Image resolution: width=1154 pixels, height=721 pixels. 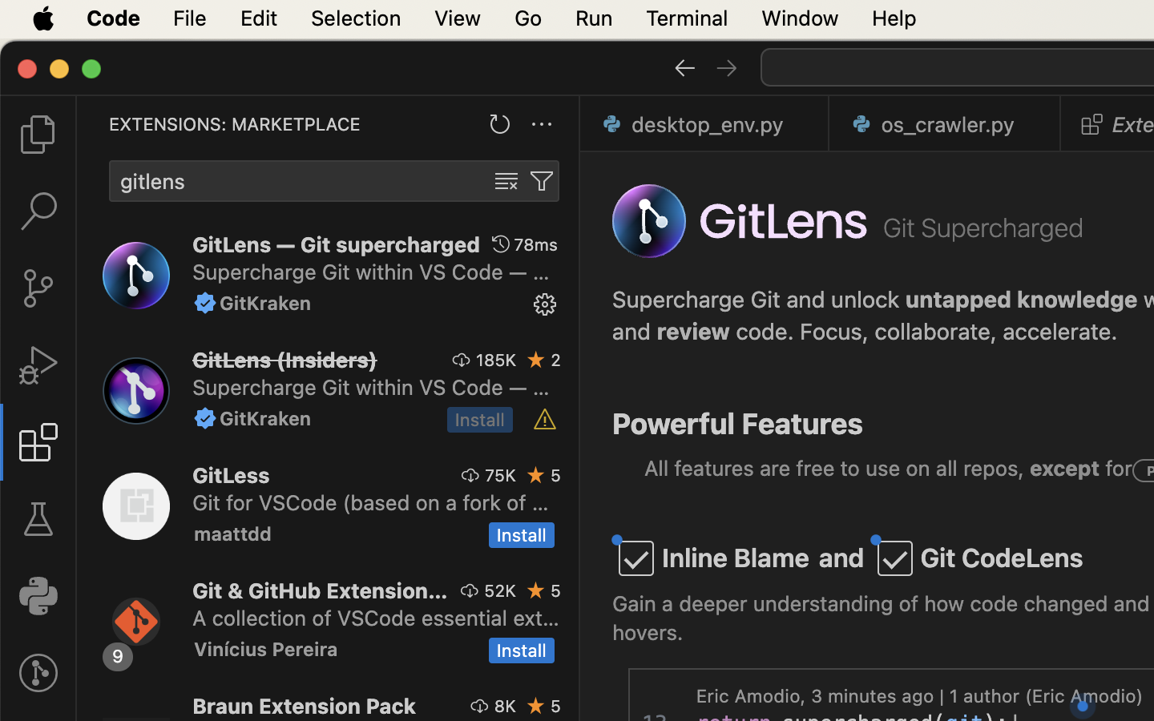 What do you see at coordinates (684, 66) in the screenshot?
I see `''` at bounding box center [684, 66].